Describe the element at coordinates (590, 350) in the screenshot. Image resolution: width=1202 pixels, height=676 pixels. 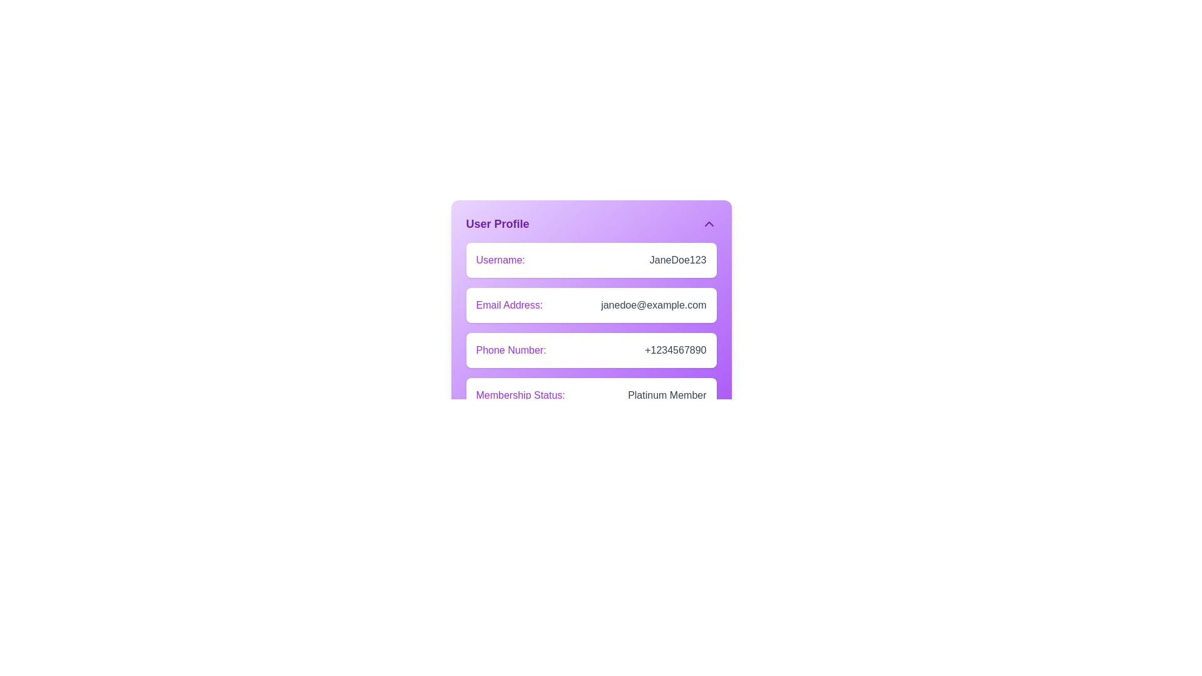
I see `the Information display field that shows the user's phone number, located between the 'Email Address:' and 'Membership Status:' sections` at that location.